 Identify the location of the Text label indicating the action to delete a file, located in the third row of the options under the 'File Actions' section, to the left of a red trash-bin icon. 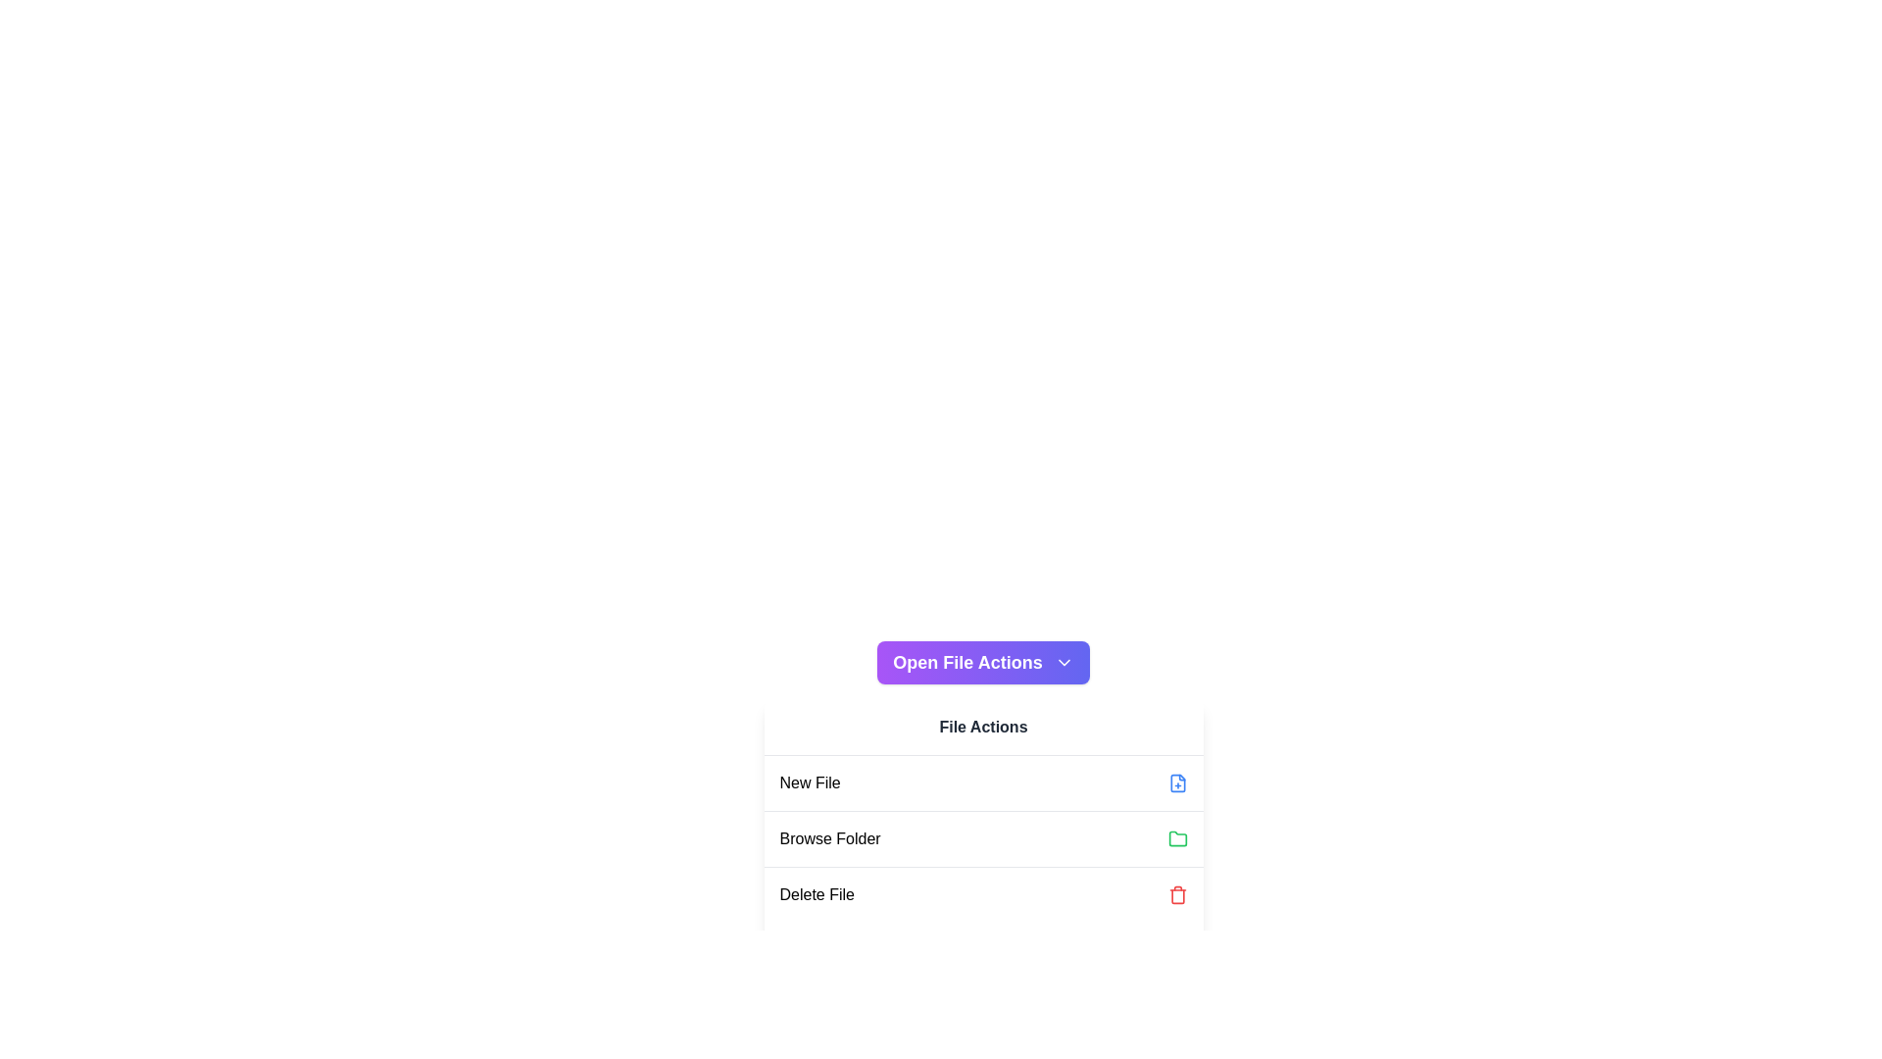
(817, 895).